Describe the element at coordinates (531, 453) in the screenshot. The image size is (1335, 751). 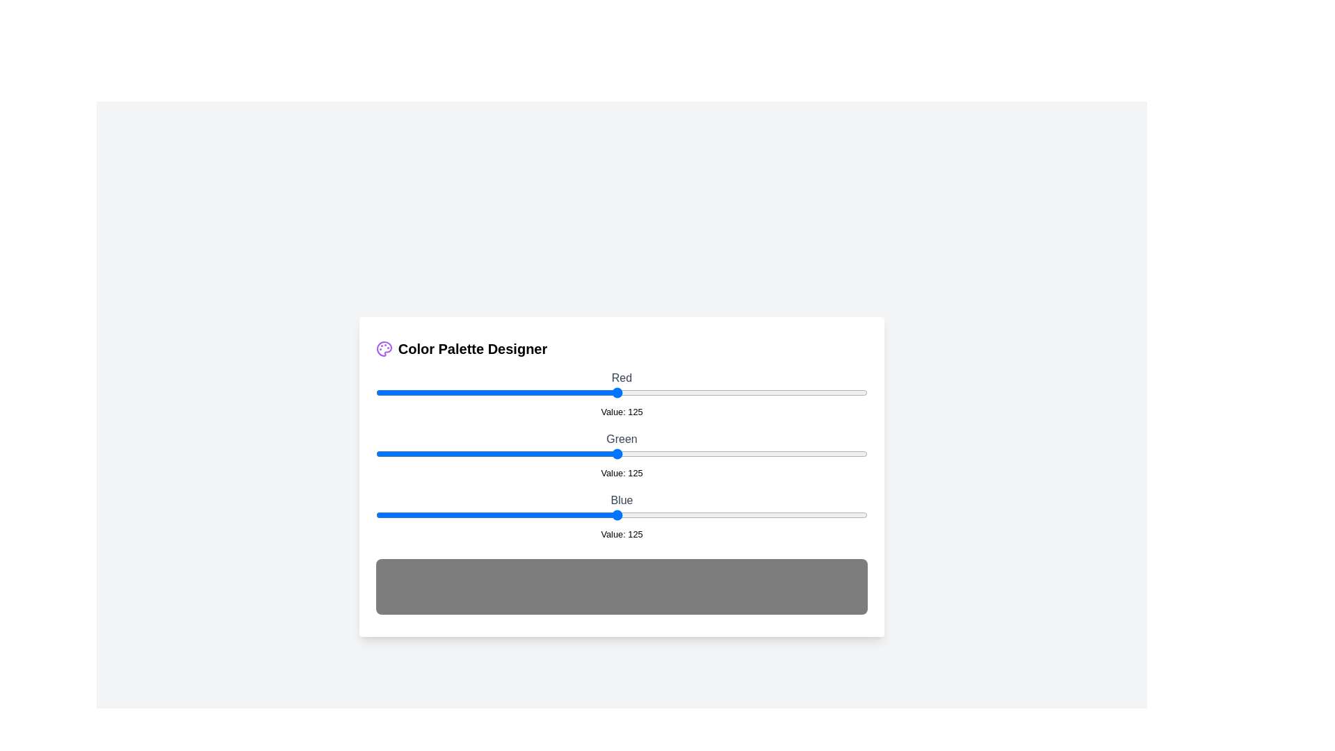
I see `the 1 slider to 81` at that location.